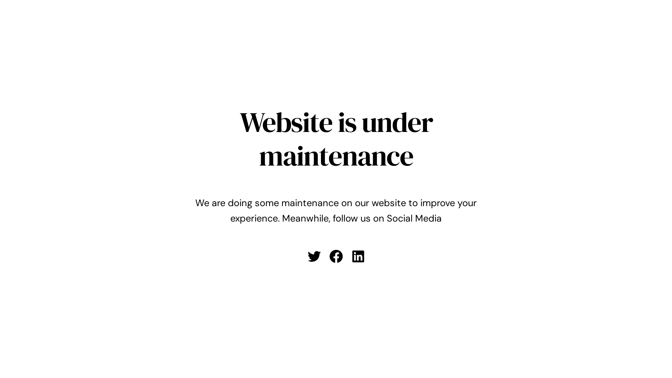  Describe the element at coordinates (313, 256) in the screenshot. I see `'Twitter'` at that location.